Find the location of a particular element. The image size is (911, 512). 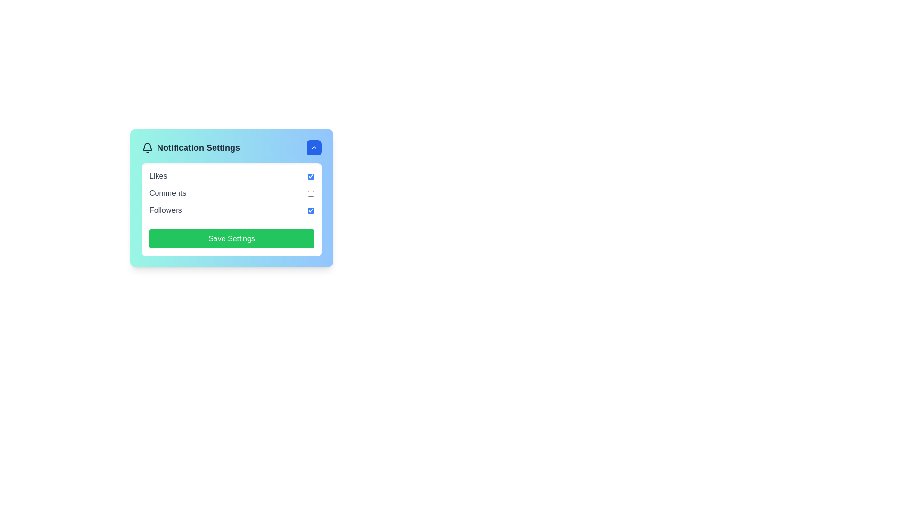

the 'Notification Settings' header which features a bold title and a bell icon, located at the top of the dialog box is located at coordinates (232, 148).